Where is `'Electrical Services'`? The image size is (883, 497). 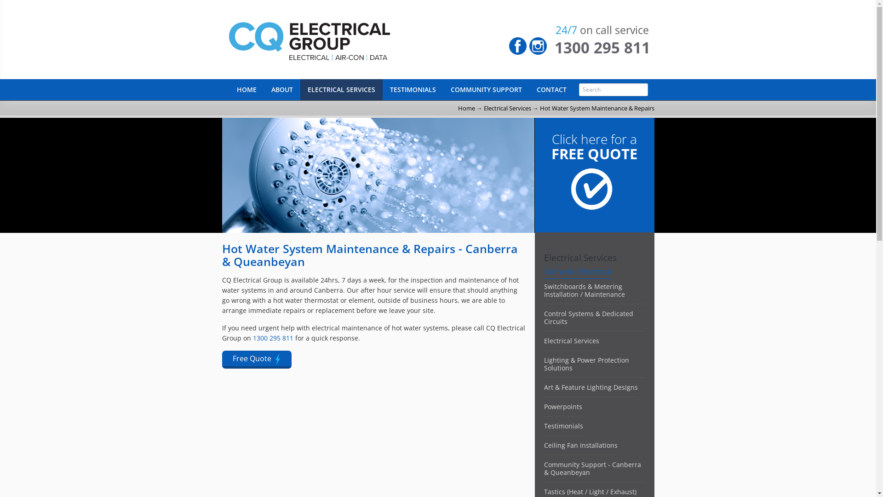 'Electrical Services' is located at coordinates (543, 341).